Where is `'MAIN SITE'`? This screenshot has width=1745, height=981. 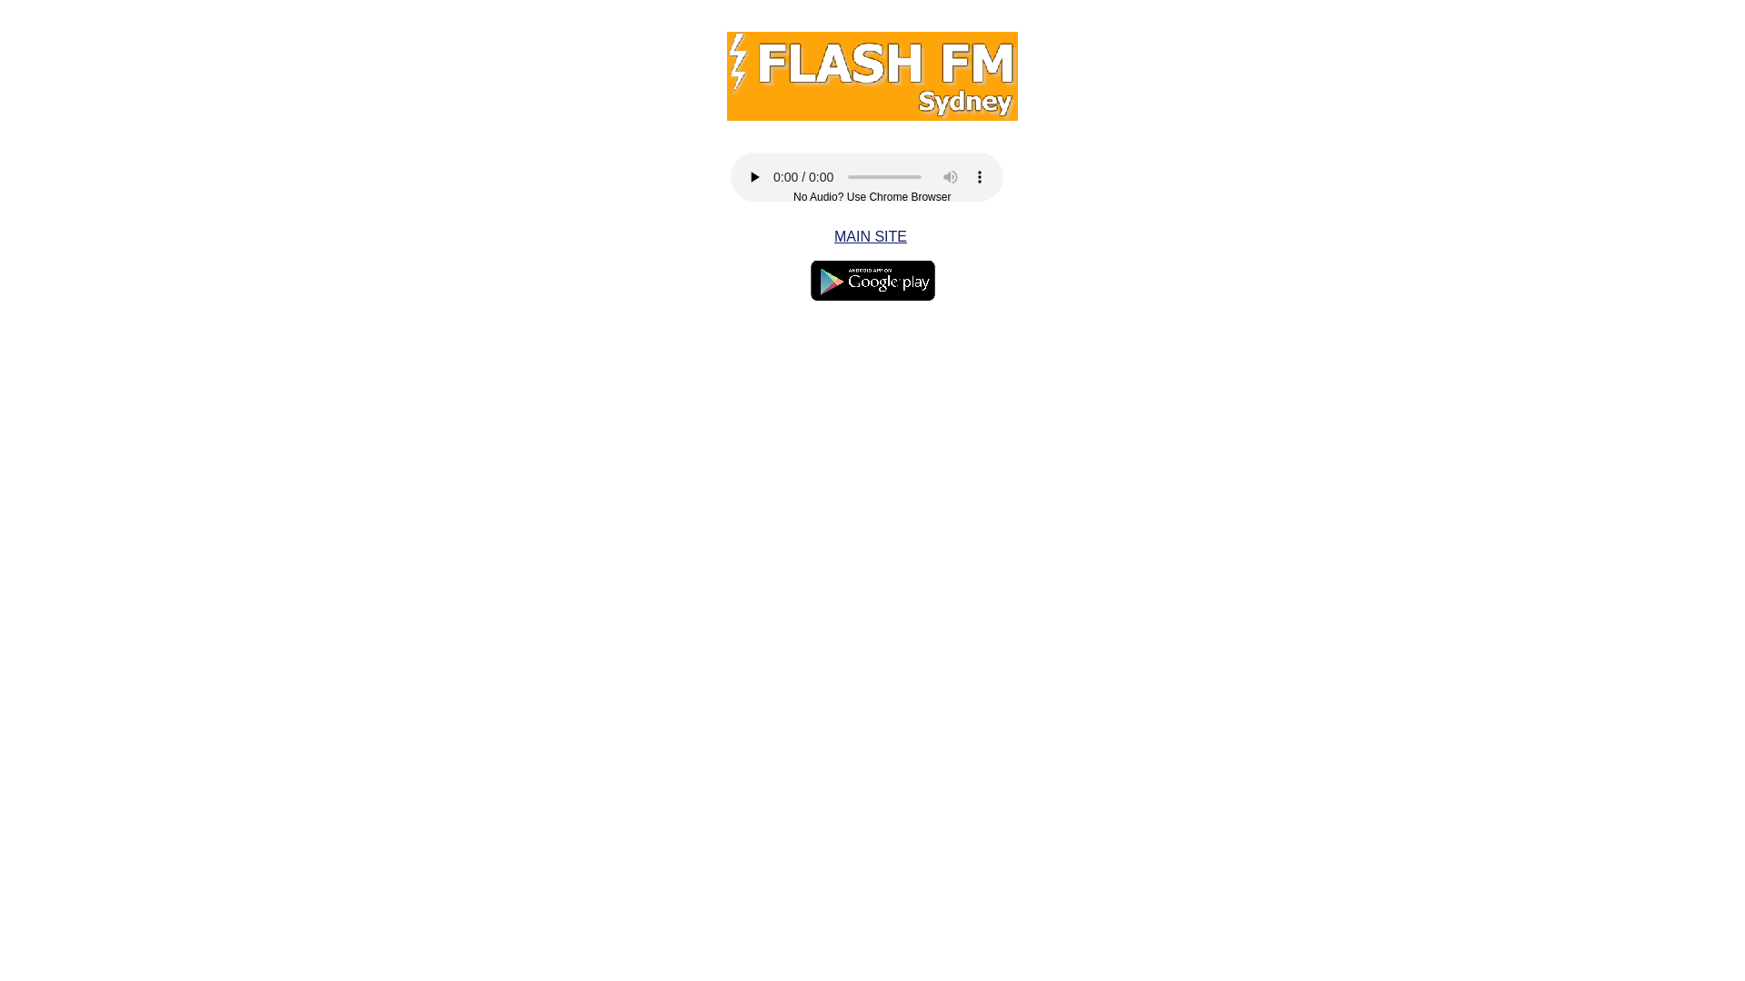
'MAIN SITE' is located at coordinates (870, 235).